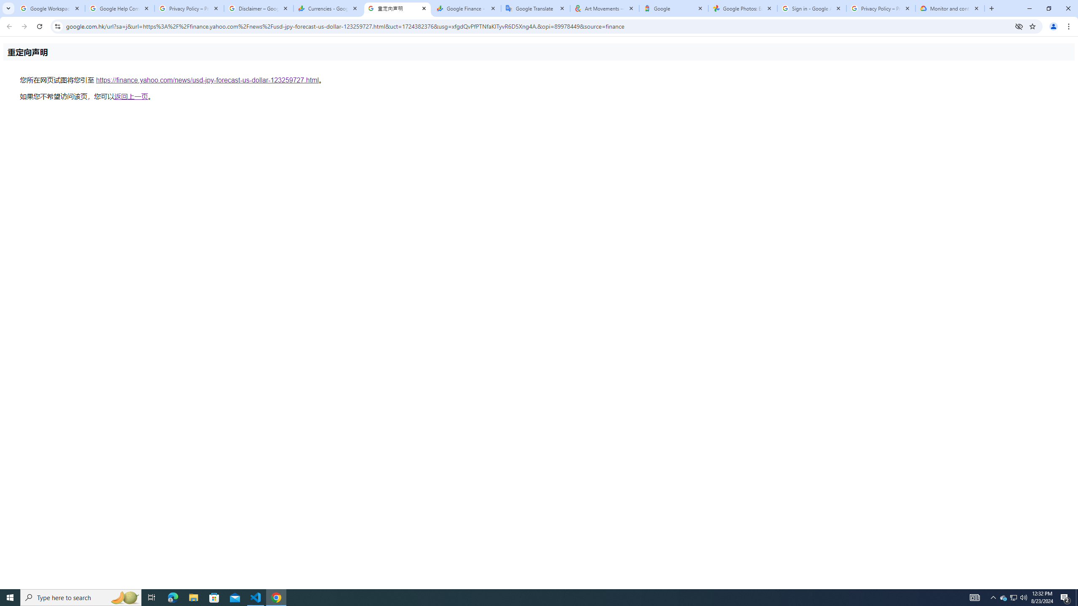 Image resolution: width=1078 pixels, height=606 pixels. I want to click on 'Google', so click(673, 8).